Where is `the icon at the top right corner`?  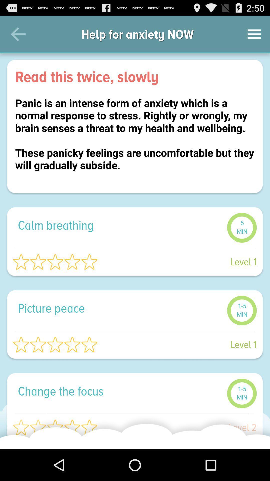 the icon at the top right corner is located at coordinates (254, 34).